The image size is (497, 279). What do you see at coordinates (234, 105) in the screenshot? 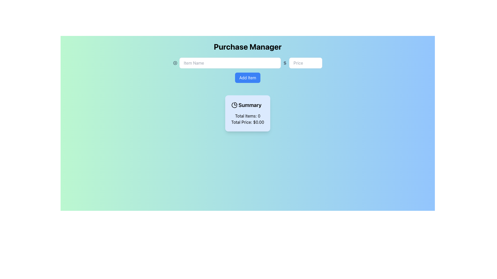
I see `the decorative icon located to the left of the 'Summary' text in the centered panel labeled 'Summary'` at bounding box center [234, 105].